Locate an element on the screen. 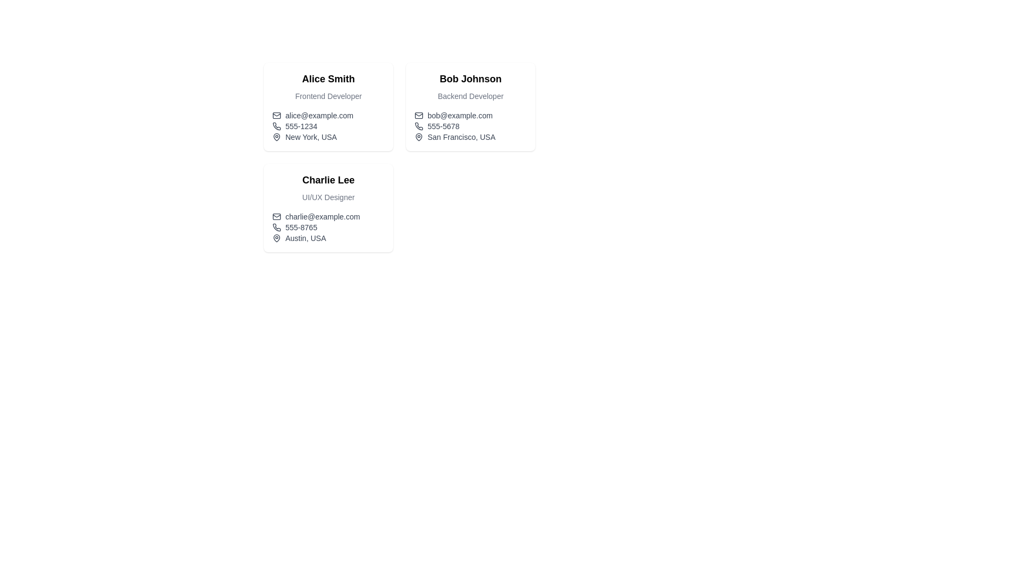 This screenshot has height=581, width=1034. the text element displaying the job title 'Frontend Developer' which is styled in small gray font and located below 'Alice Smith' in the profile card is located at coordinates (327, 95).